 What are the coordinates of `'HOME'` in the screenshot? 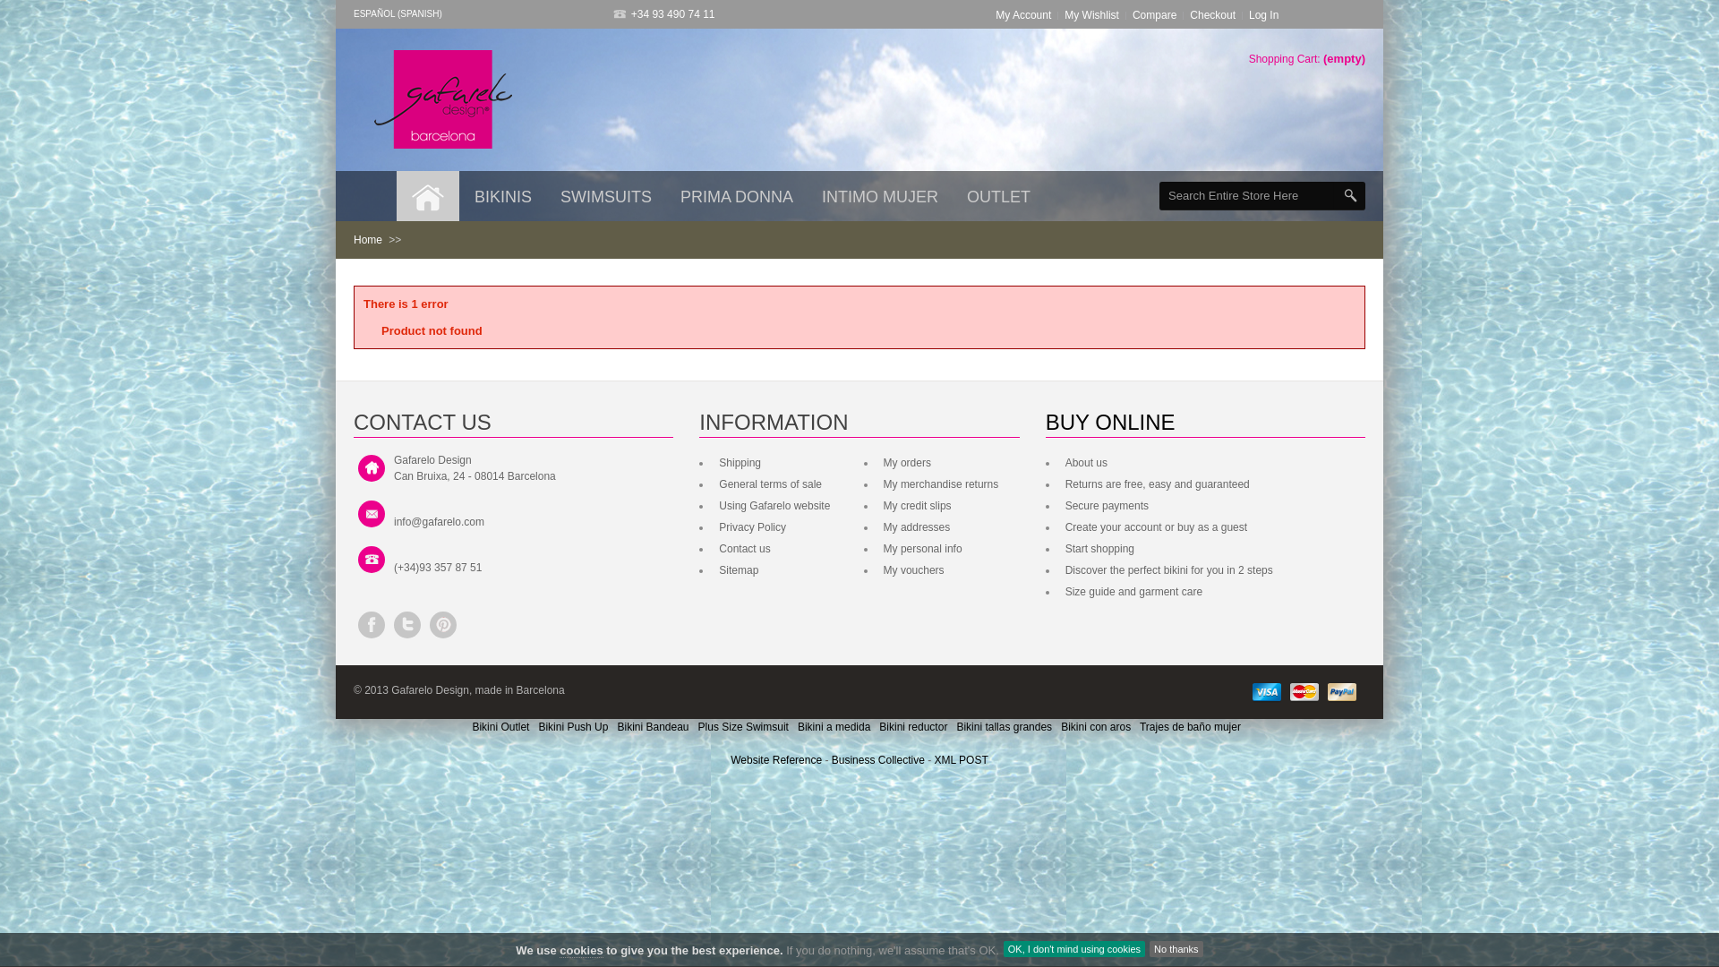 It's located at (427, 196).